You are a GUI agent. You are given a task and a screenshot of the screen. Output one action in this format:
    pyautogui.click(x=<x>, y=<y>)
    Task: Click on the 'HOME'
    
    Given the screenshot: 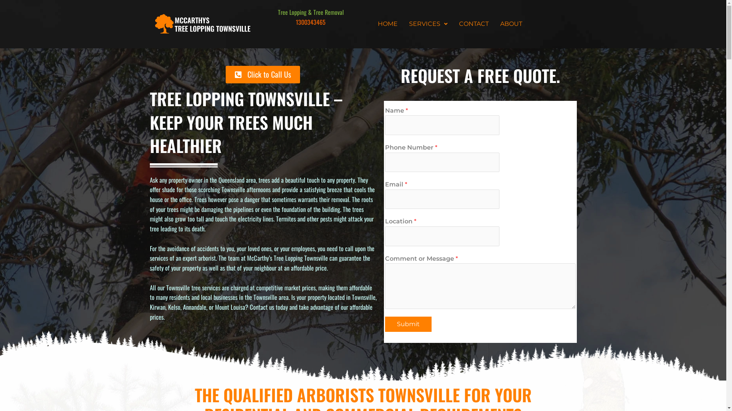 What is the action you would take?
    pyautogui.click(x=388, y=23)
    